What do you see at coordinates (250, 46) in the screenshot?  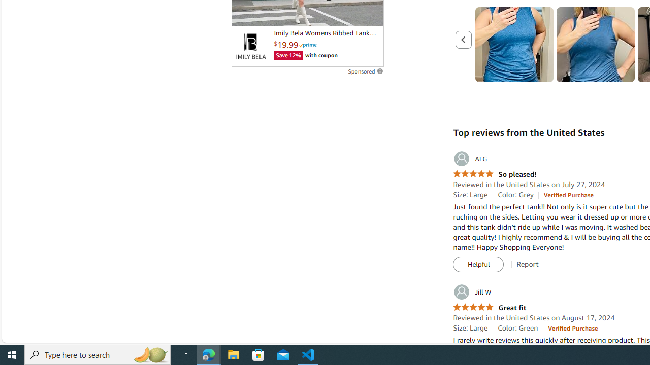 I see `'Logo'` at bounding box center [250, 46].